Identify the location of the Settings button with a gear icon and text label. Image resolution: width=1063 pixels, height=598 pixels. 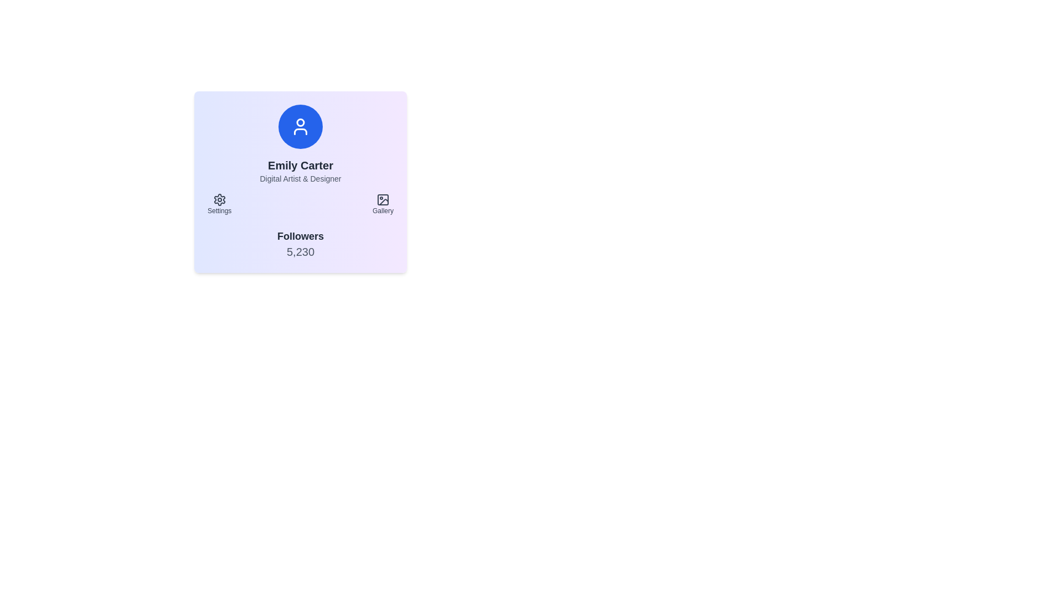
(219, 204).